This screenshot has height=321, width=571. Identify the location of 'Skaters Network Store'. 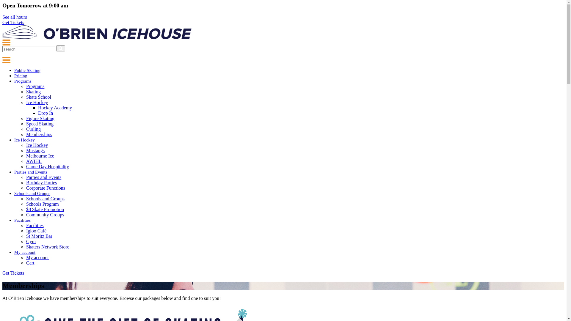
(48, 247).